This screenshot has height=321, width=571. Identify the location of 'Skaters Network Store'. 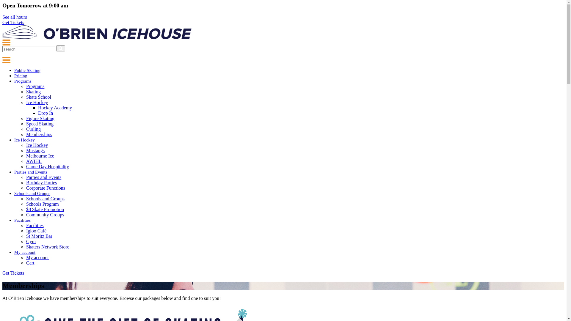
(48, 247).